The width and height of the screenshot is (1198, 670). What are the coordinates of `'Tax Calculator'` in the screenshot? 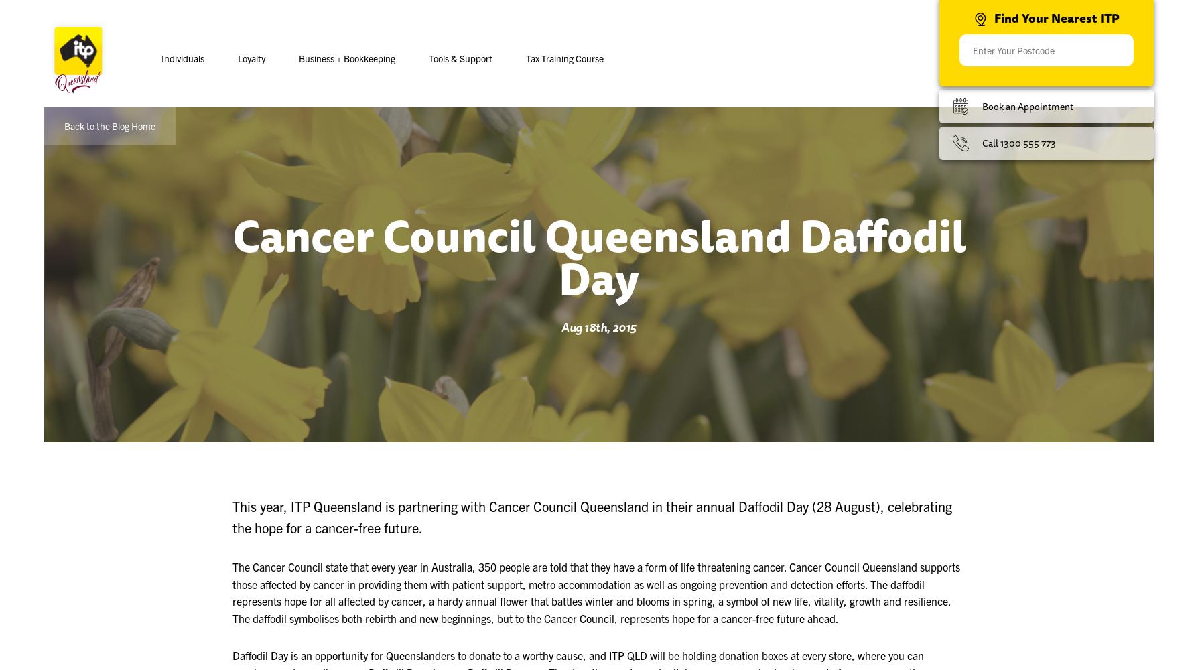 It's located at (413, 111).